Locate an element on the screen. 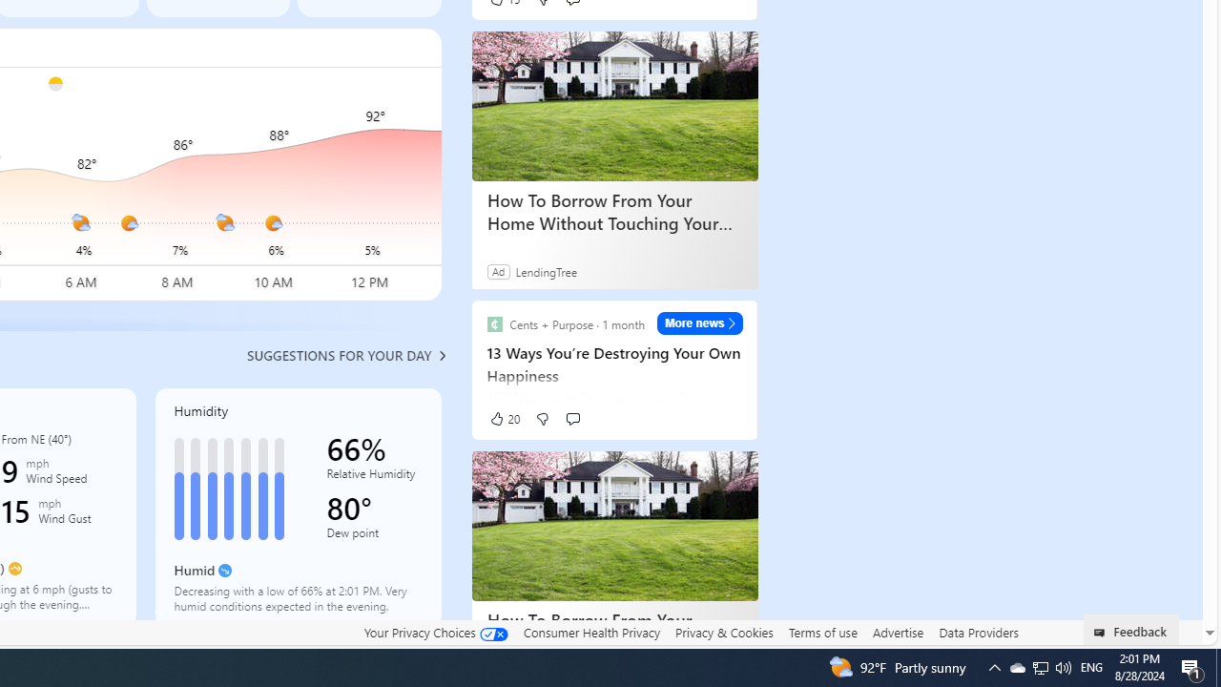 This screenshot has width=1221, height=687. 'Class: feedback_link_icon-DS-EntryPoint1-1' is located at coordinates (1103, 633).